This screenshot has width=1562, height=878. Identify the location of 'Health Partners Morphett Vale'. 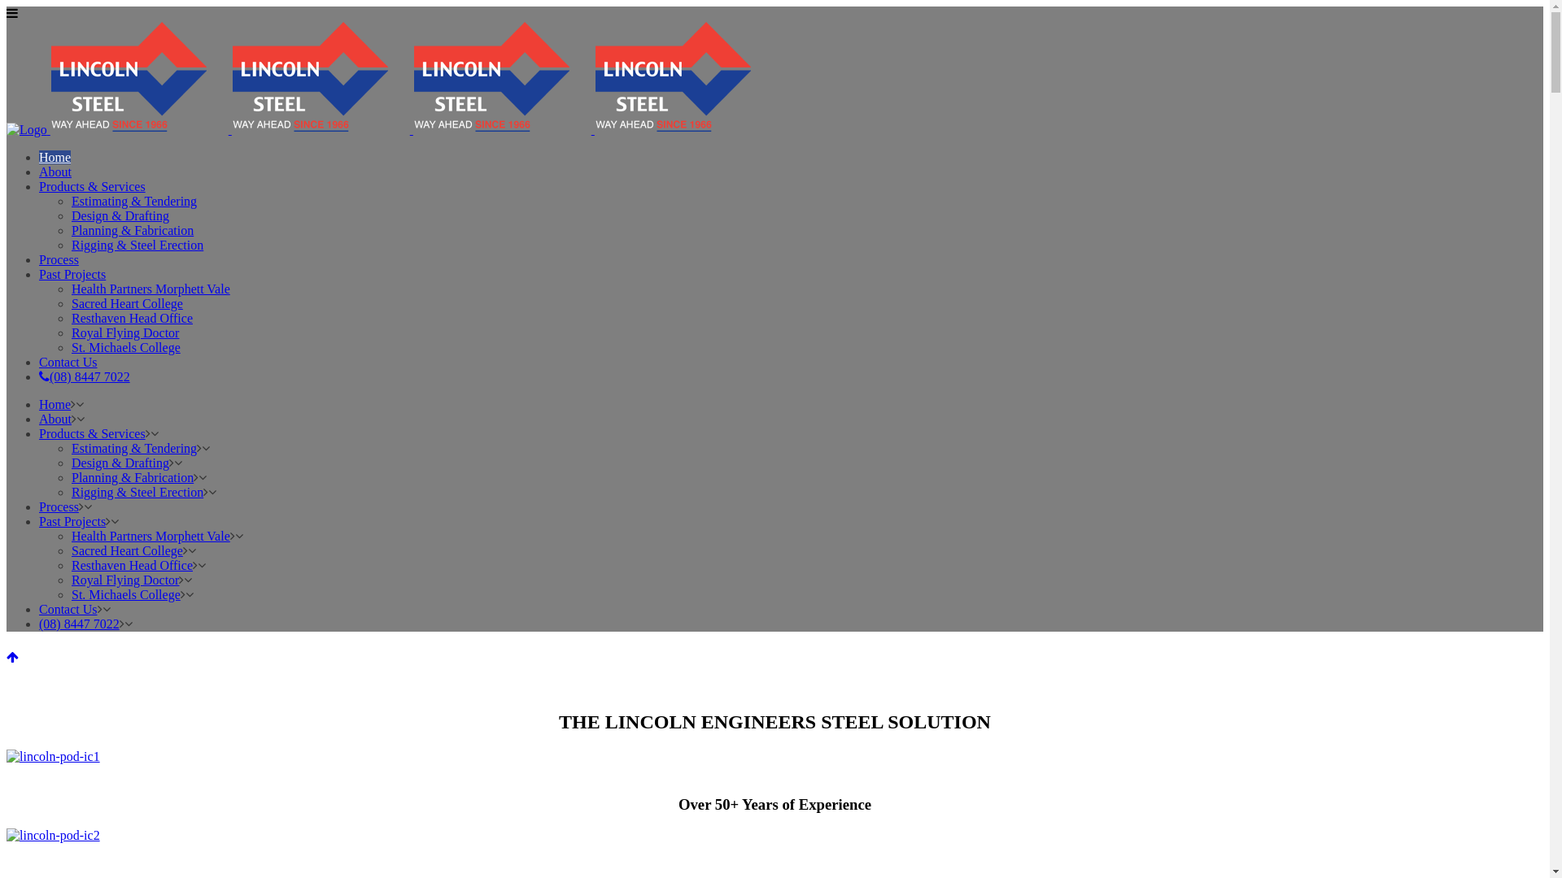
(151, 536).